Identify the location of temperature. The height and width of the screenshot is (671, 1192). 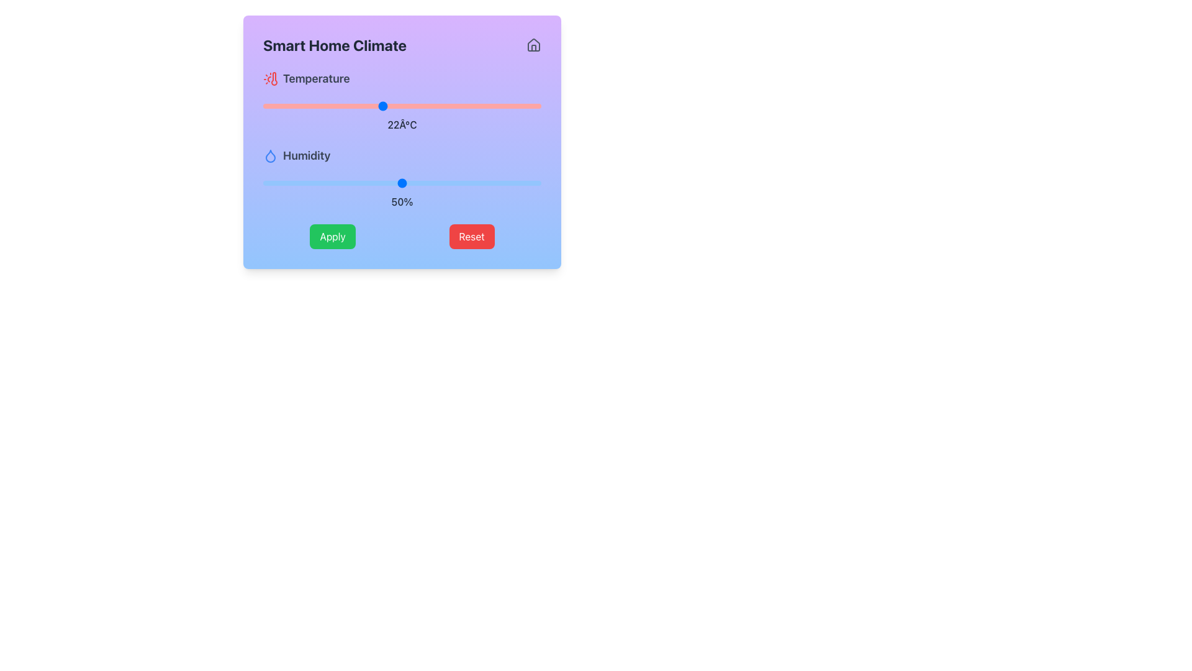
(362, 105).